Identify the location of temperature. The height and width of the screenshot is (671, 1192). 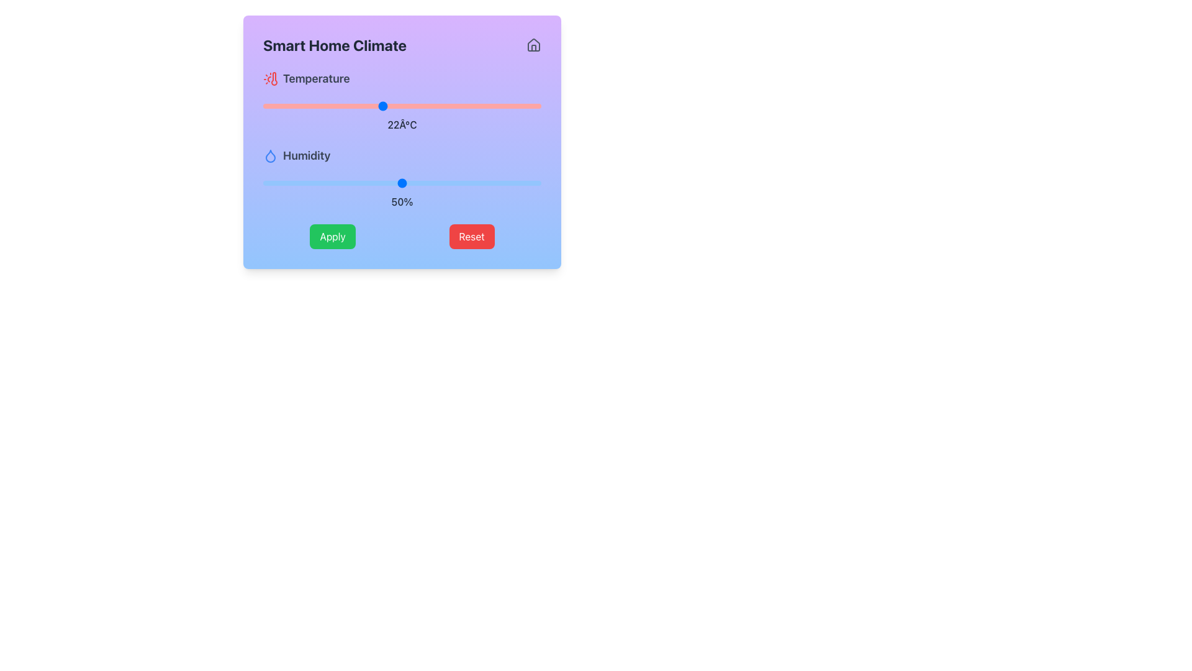
(362, 105).